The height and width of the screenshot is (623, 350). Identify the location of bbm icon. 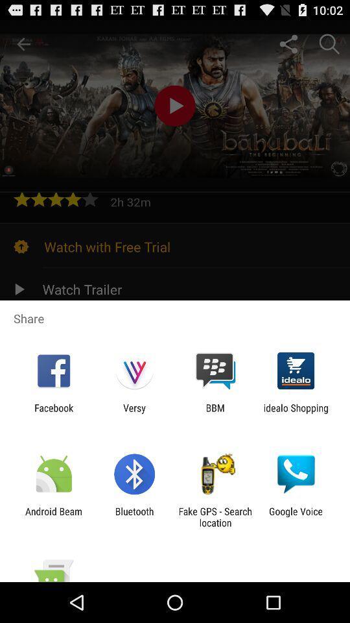
(215, 413).